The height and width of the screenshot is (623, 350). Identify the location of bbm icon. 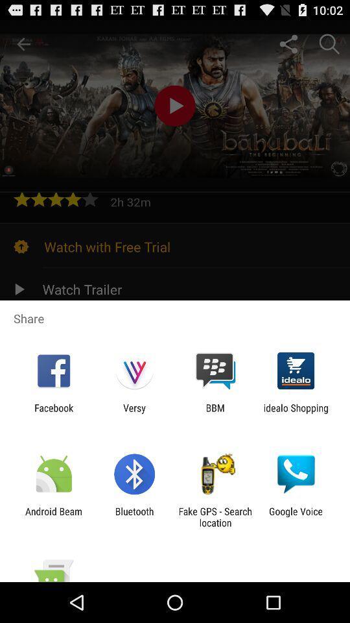
(215, 413).